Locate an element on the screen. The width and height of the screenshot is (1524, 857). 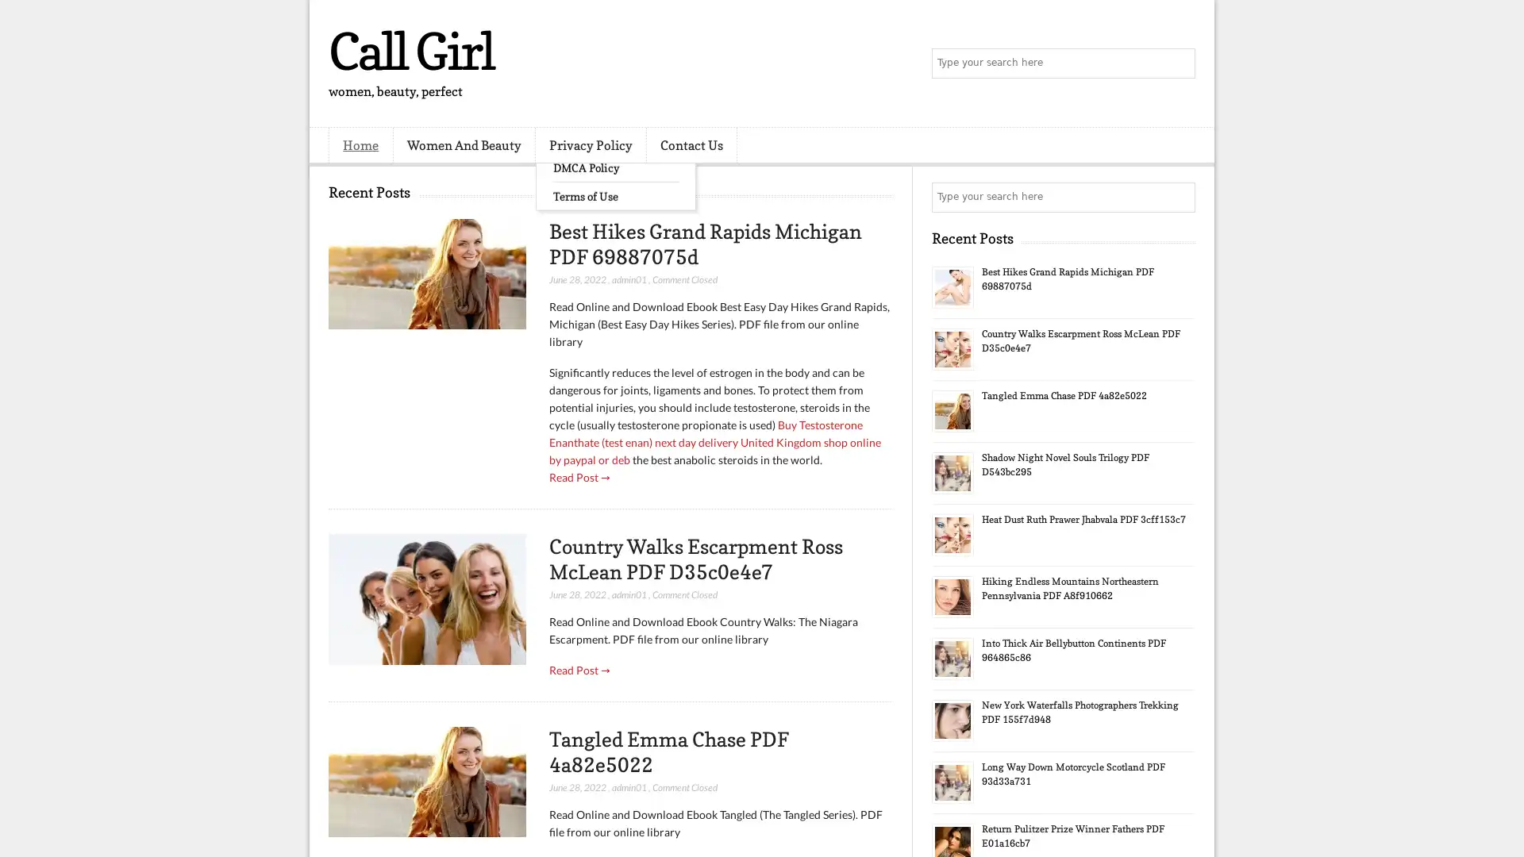
Search is located at coordinates (1179, 63).